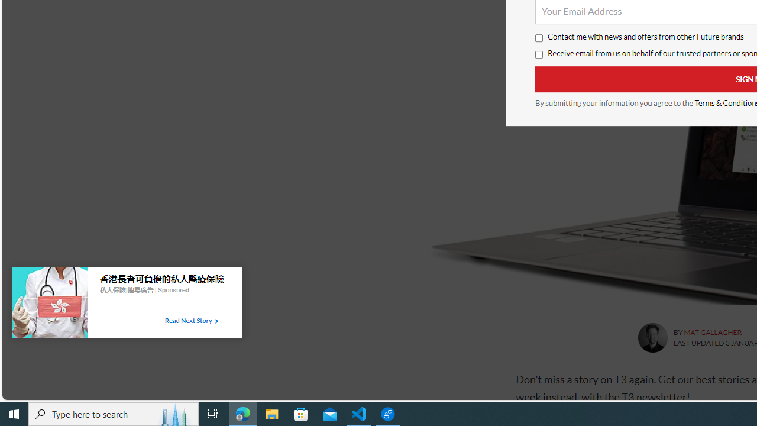 The image size is (757, 426). I want to click on 'Class: tbl-arrow-icon arrow-2', so click(216, 321).